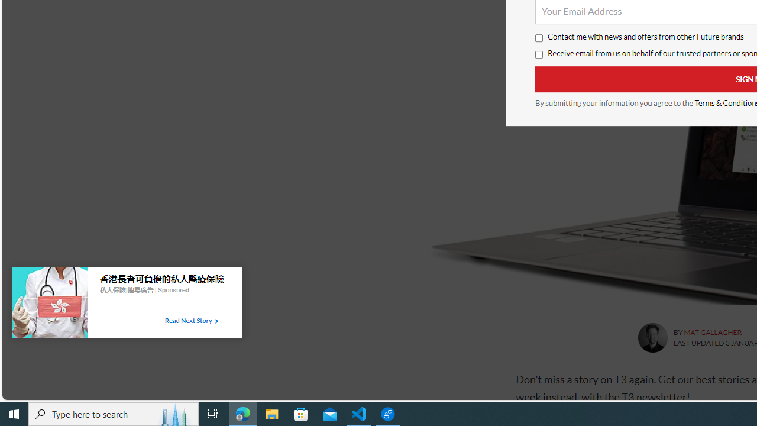 The image size is (757, 426). I want to click on 'Class: tbl-arrow-icon arrow-2', so click(216, 321).